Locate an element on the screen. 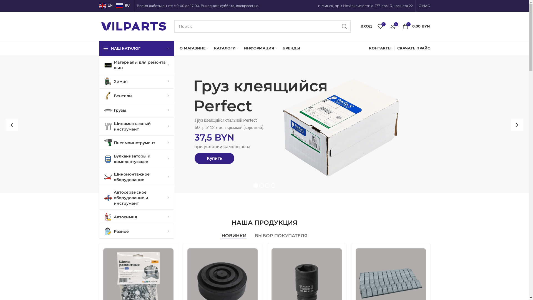 The image size is (533, 300). 'RU' is located at coordinates (123, 6).